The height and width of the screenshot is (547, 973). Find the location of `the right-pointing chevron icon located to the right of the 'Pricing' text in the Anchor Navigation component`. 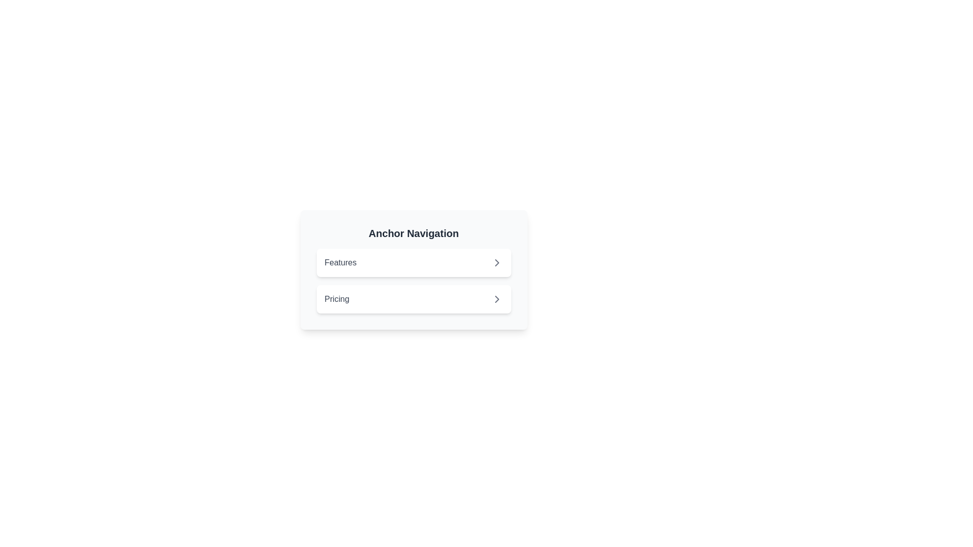

the right-pointing chevron icon located to the right of the 'Pricing' text in the Anchor Navigation component is located at coordinates (497, 298).